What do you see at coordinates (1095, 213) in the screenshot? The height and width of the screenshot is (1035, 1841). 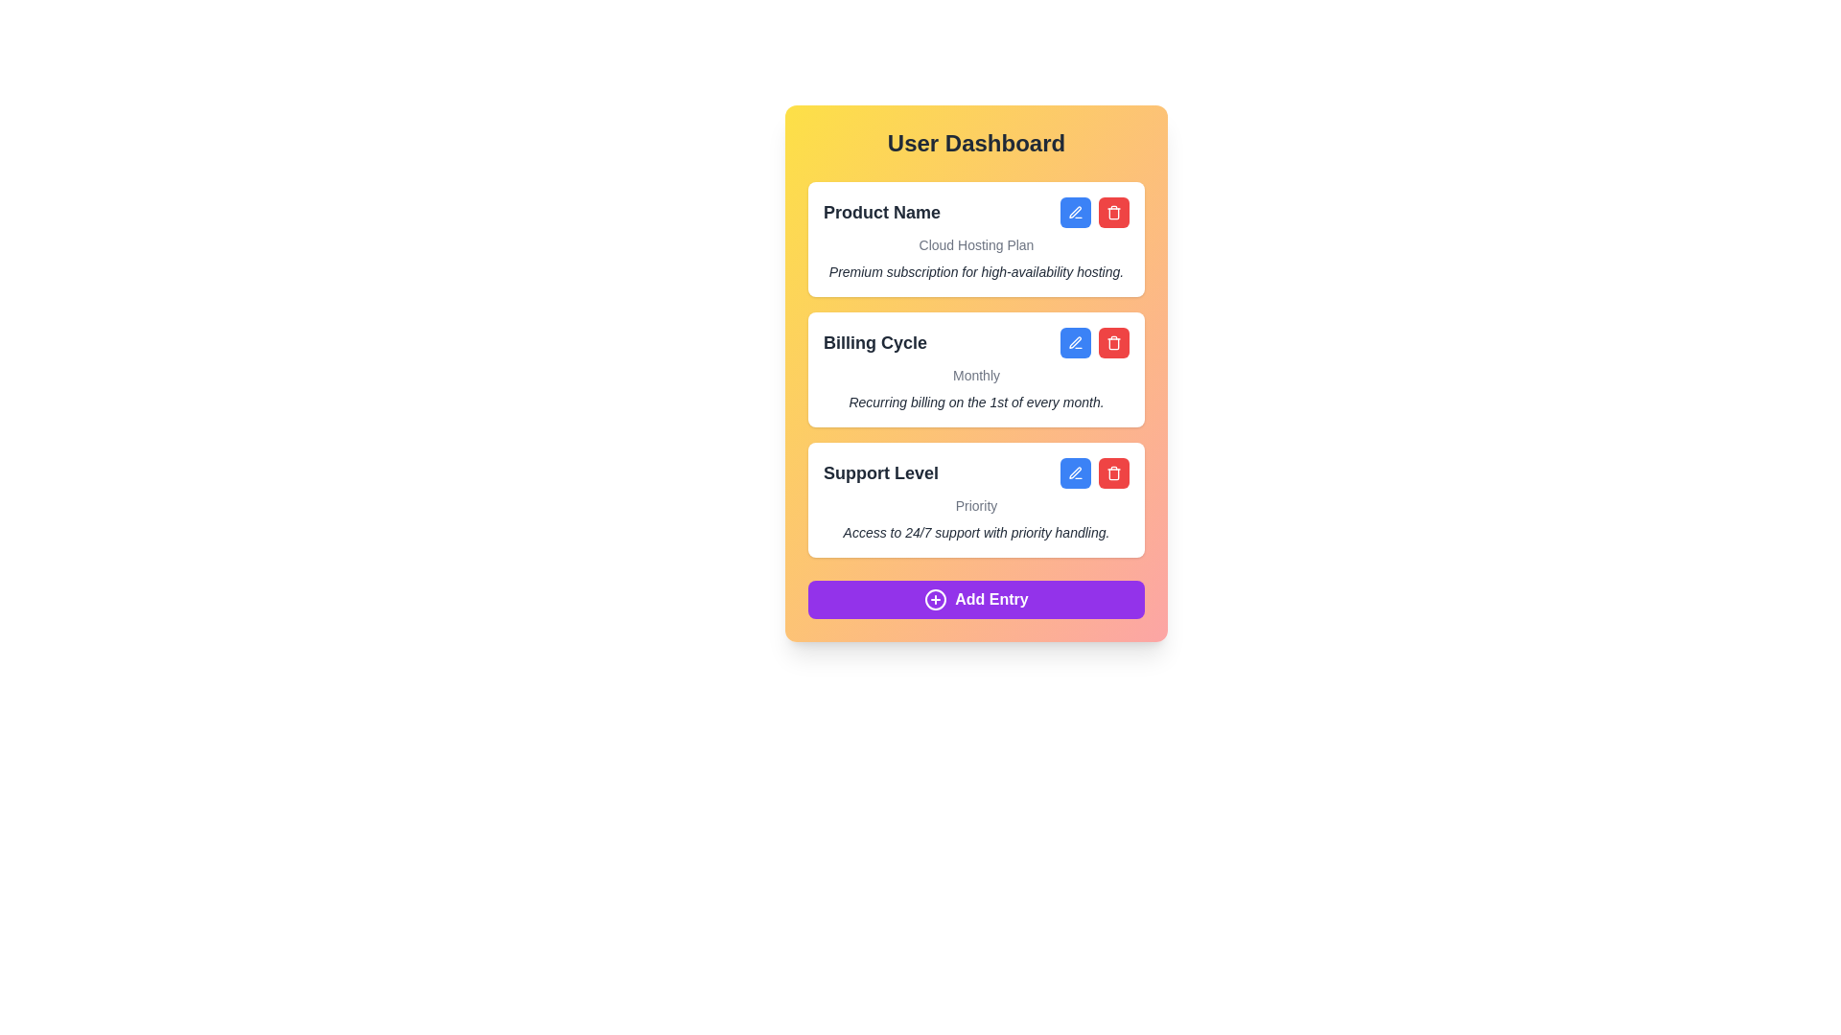 I see `the red delete button located in the upper-right corner of the 'Product Name' section in the dashboard` at bounding box center [1095, 213].